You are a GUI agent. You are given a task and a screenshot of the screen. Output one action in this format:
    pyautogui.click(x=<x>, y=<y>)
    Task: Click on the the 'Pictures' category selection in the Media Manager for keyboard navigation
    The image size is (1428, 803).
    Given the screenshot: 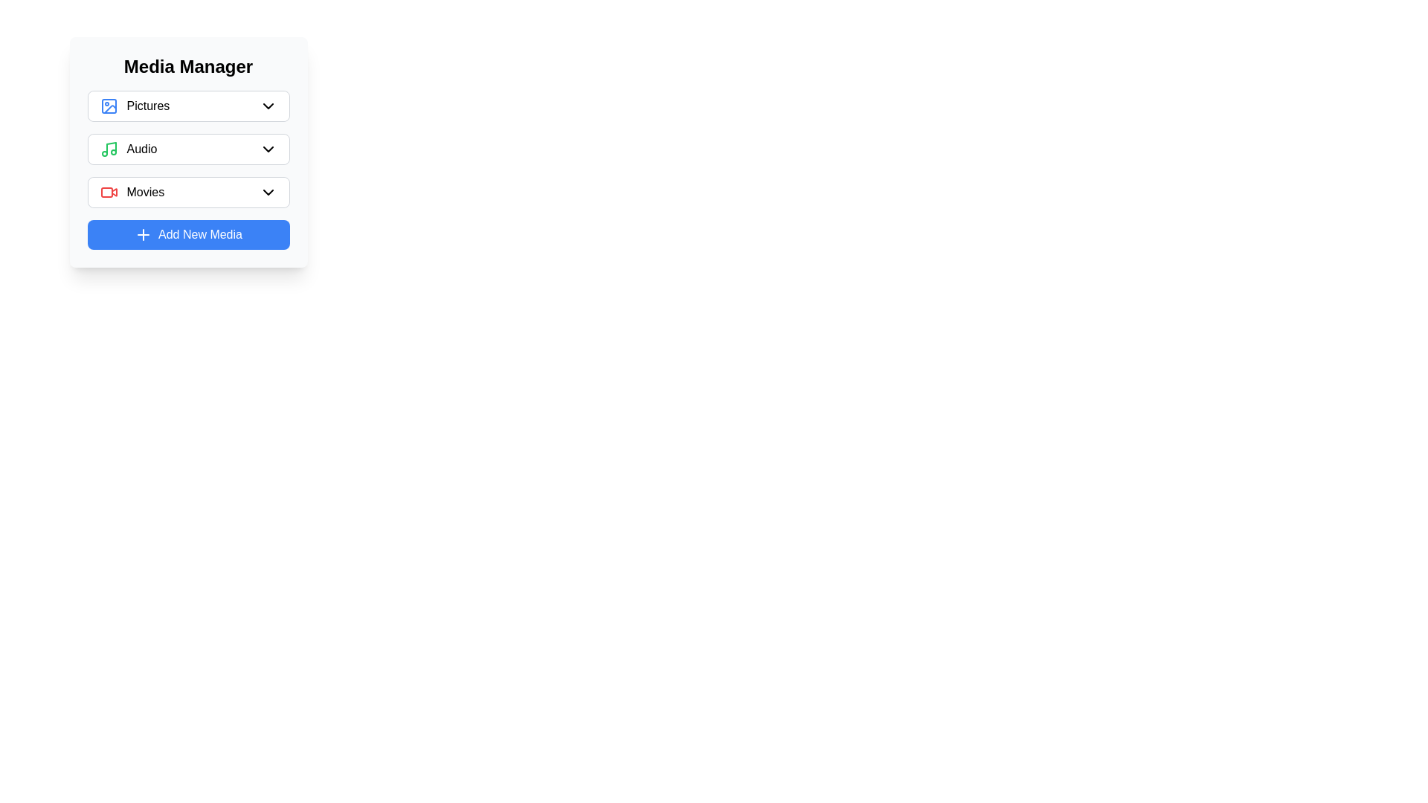 What is the action you would take?
    pyautogui.click(x=187, y=105)
    